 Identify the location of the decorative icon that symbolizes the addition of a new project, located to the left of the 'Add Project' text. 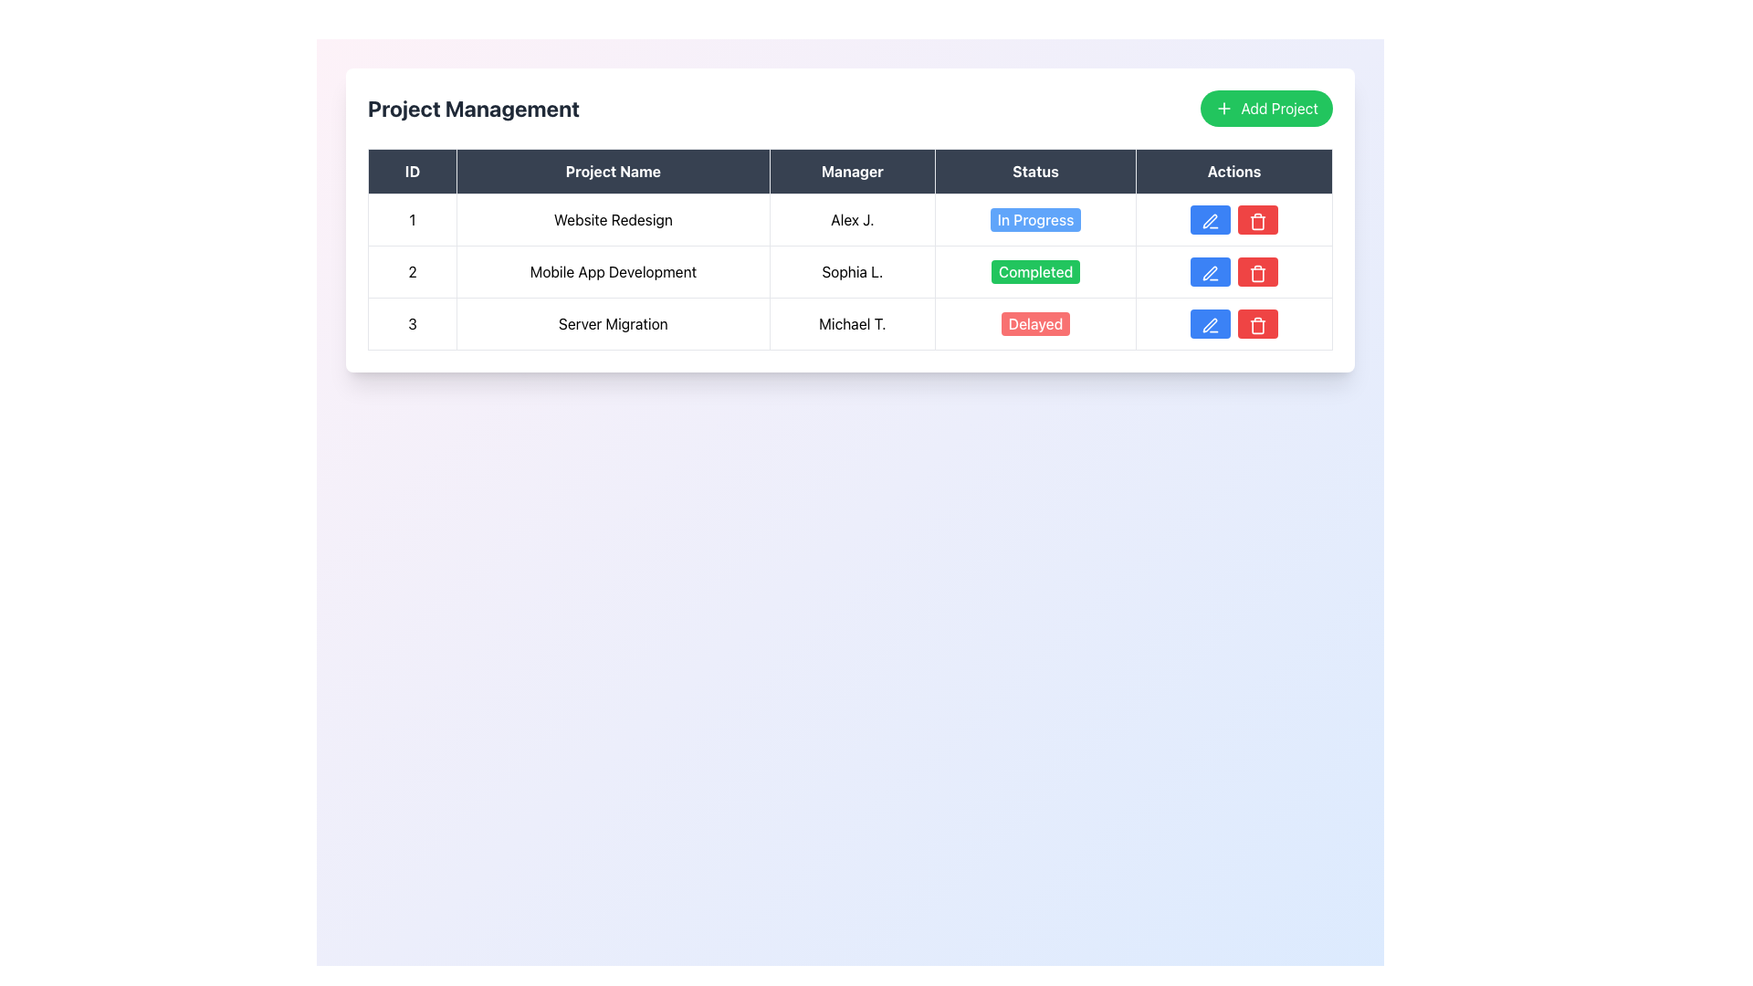
(1224, 109).